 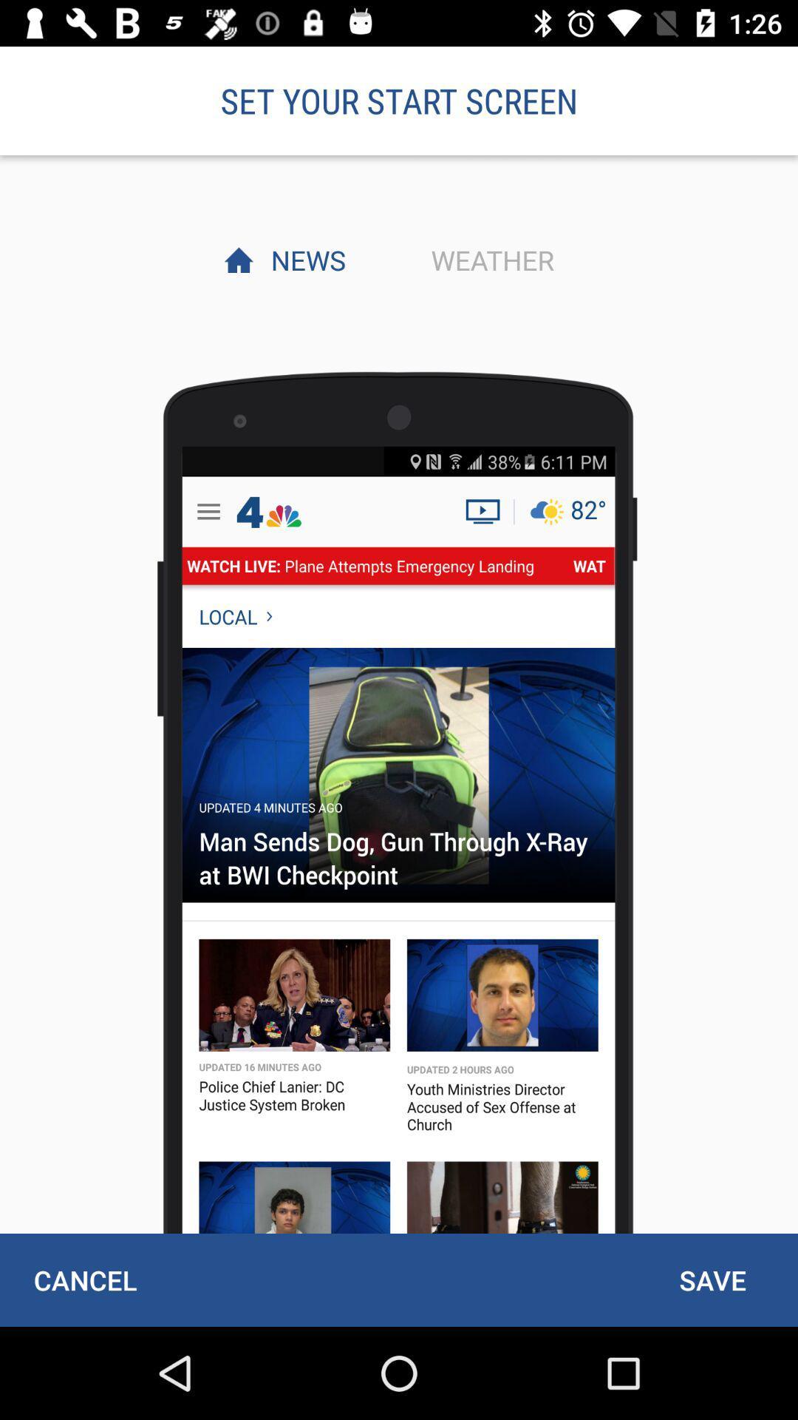 What do you see at coordinates (85, 1279) in the screenshot?
I see `icon next to the save item` at bounding box center [85, 1279].